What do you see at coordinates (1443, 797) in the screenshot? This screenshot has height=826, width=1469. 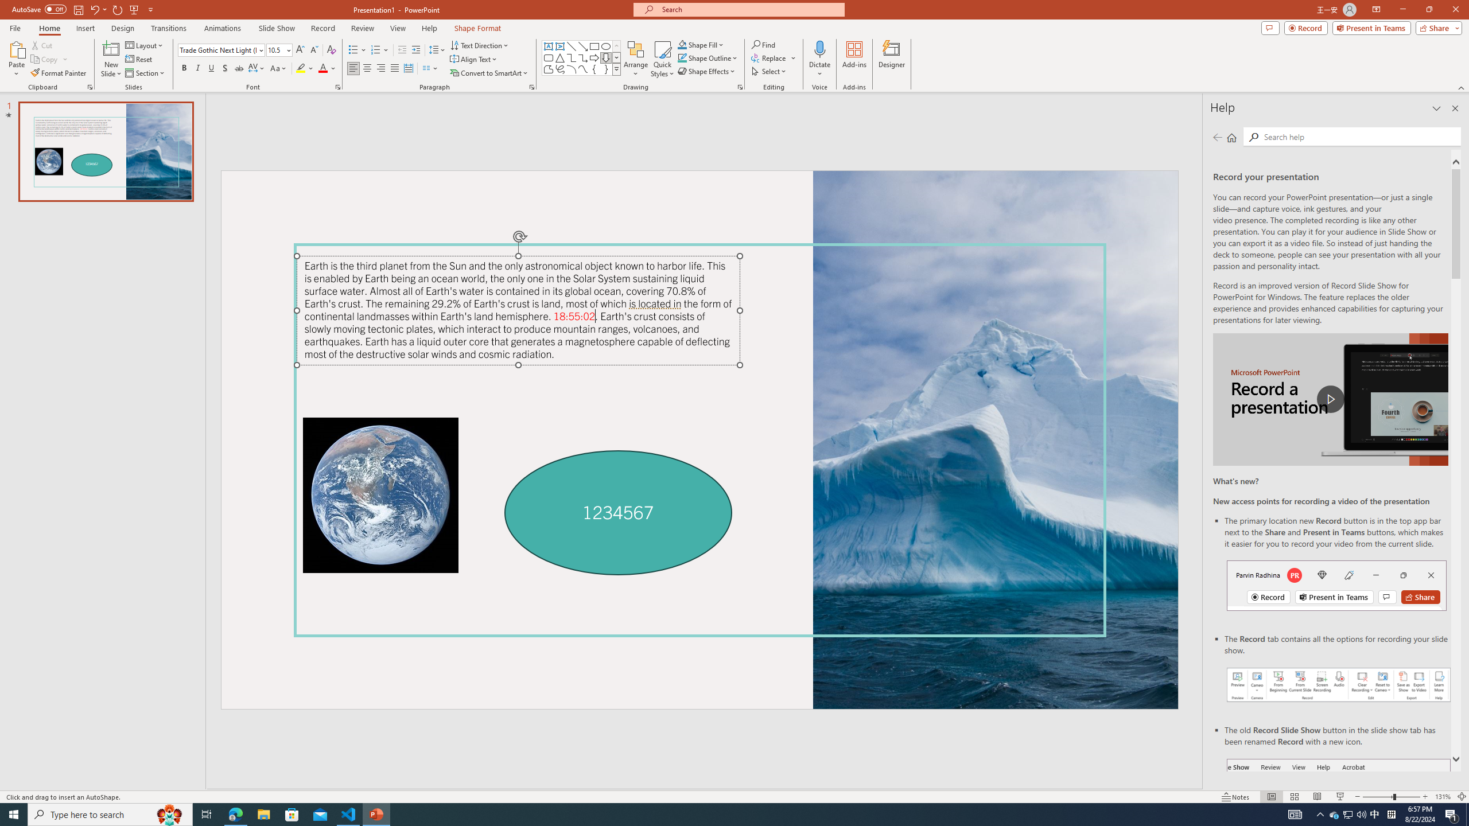 I see `'Zoom 131%'` at bounding box center [1443, 797].